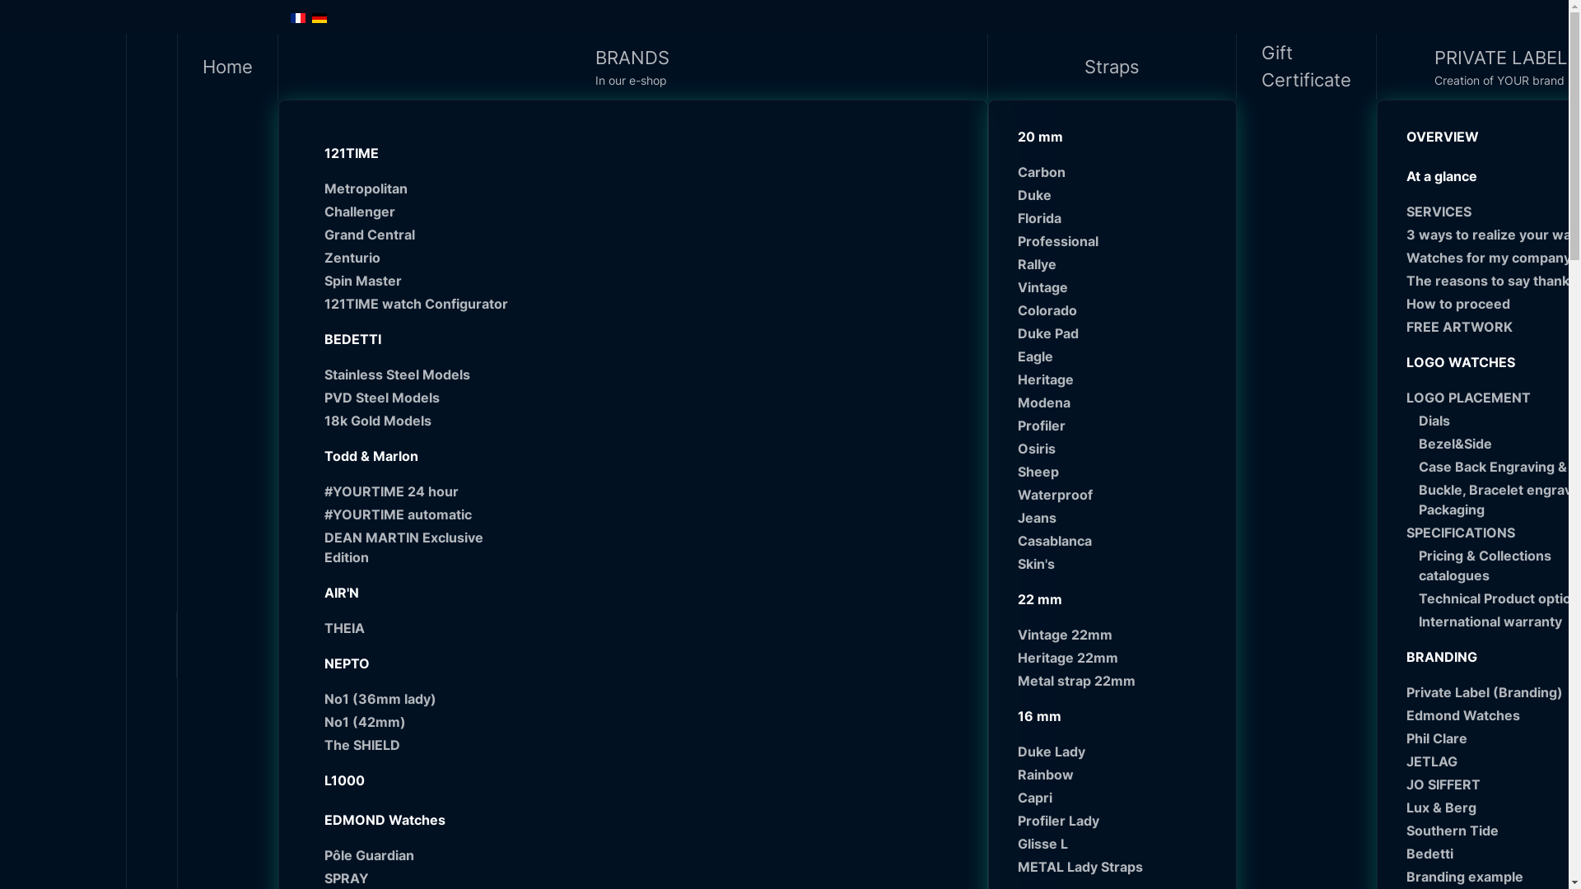 The image size is (1581, 889). I want to click on 'Metal strap 22mm', so click(1118, 680).